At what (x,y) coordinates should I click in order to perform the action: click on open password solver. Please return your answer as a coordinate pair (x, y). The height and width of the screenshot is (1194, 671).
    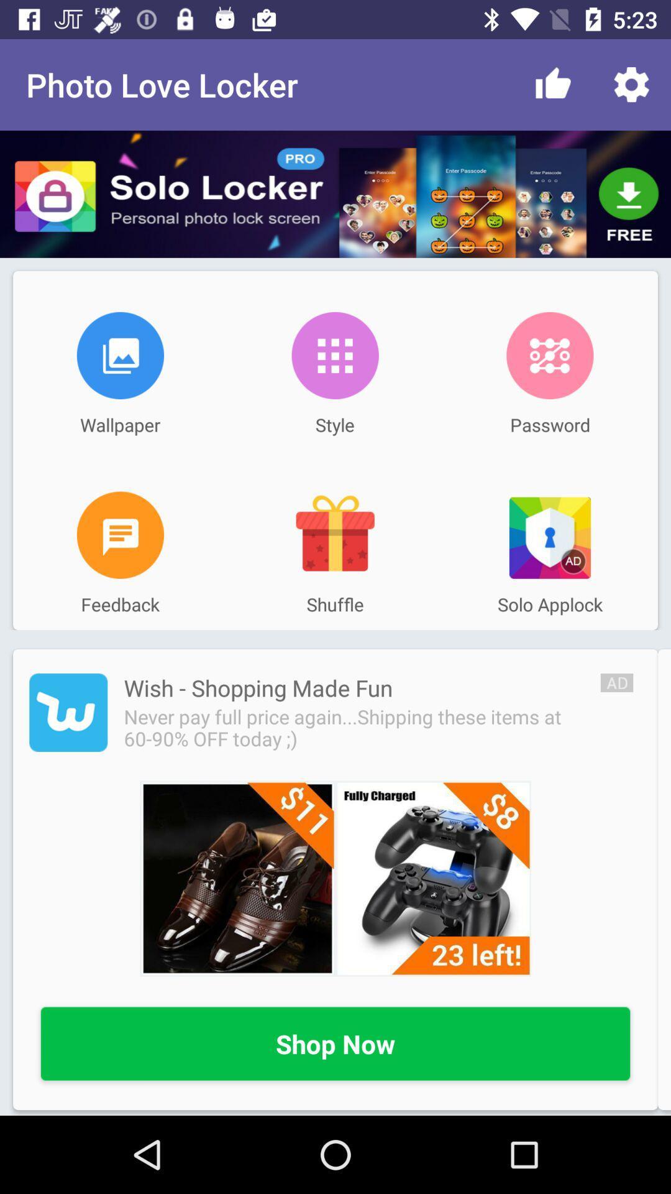
    Looking at the image, I should click on (549, 354).